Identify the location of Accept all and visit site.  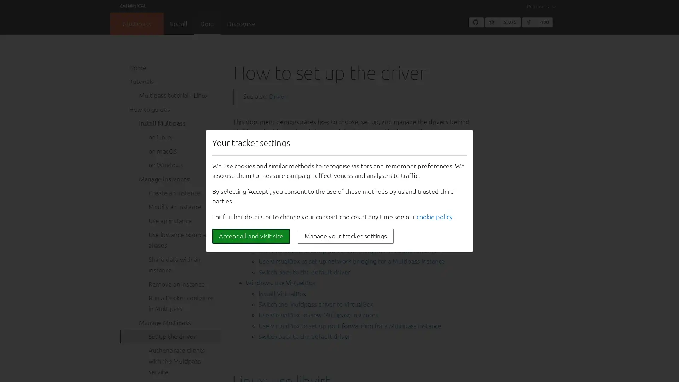
(251, 236).